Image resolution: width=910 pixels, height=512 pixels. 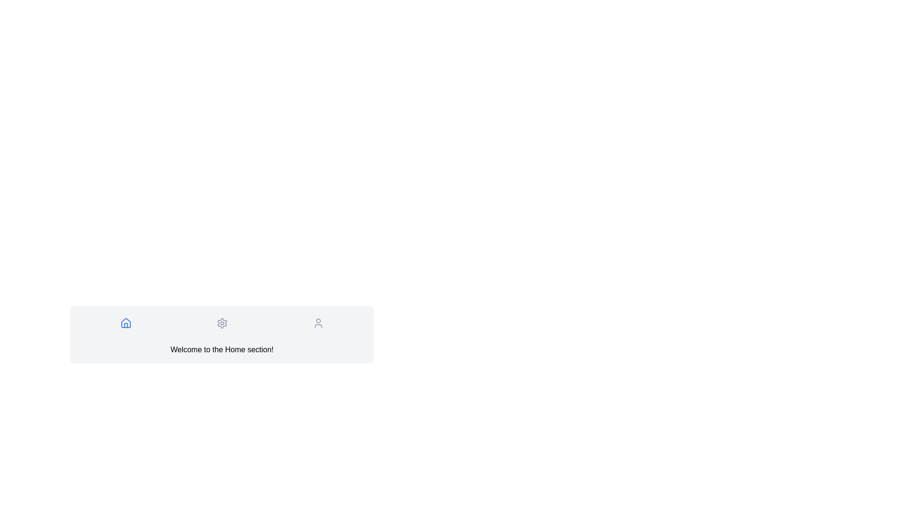 I want to click on the gear-shaped settings icon located in the center of the bottom navigation bar, so click(x=221, y=323).